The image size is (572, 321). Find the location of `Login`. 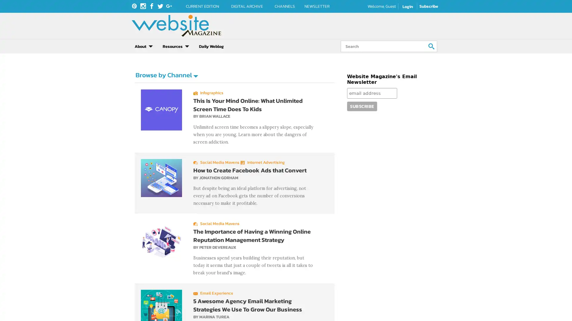

Login is located at coordinates (407, 7).